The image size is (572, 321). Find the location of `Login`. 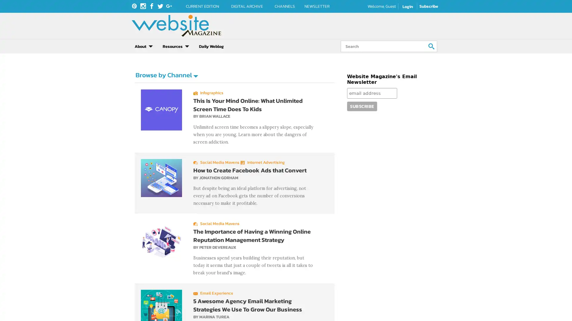

Login is located at coordinates (407, 7).